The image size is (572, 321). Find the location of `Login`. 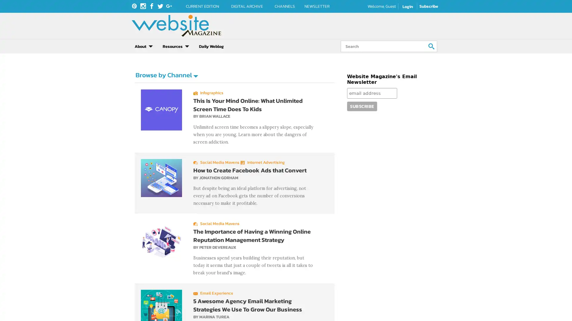

Login is located at coordinates (407, 7).